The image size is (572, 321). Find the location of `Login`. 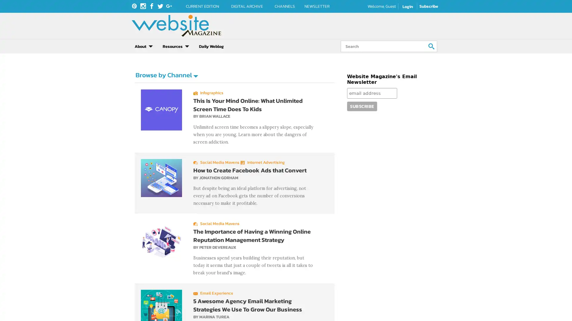

Login is located at coordinates (407, 7).